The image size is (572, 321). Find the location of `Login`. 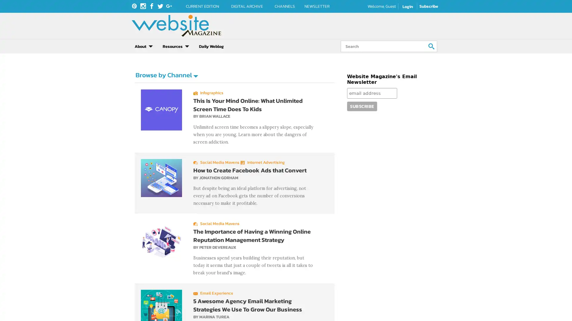

Login is located at coordinates (407, 7).